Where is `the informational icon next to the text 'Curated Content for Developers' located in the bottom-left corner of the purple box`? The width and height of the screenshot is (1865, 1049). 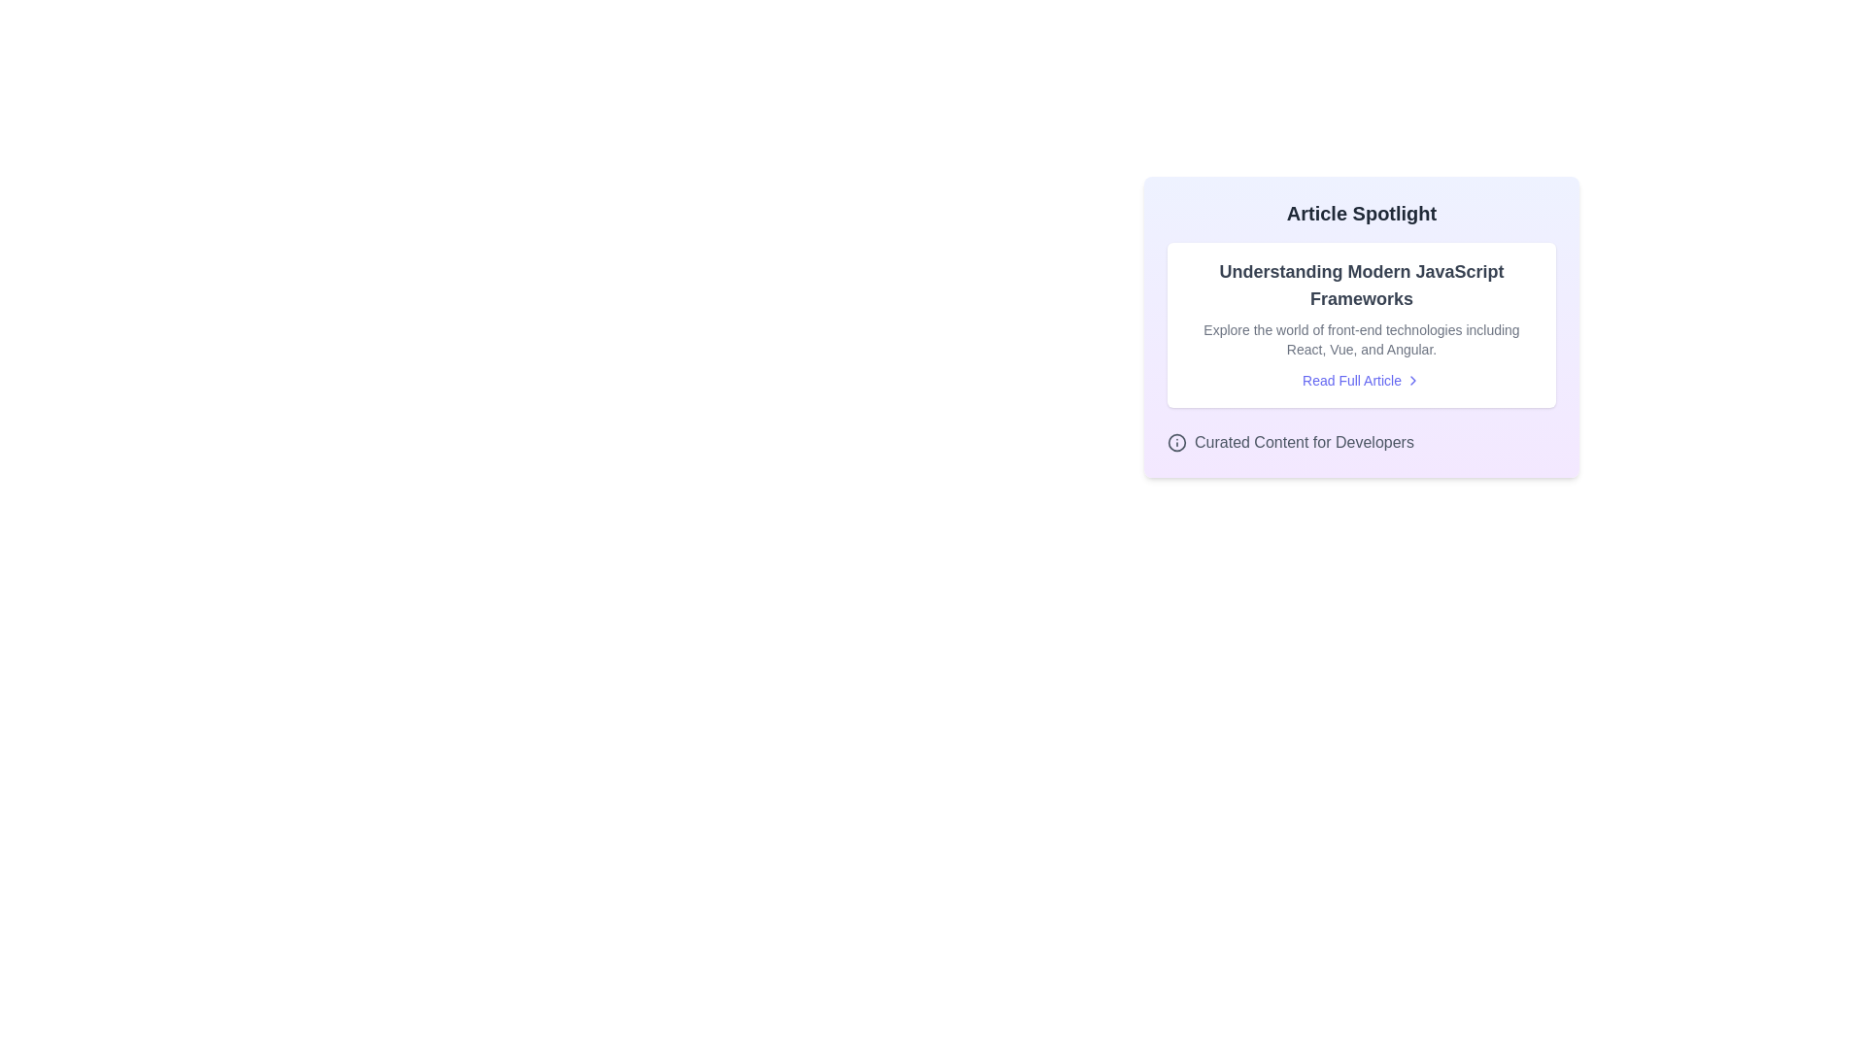 the informational icon next to the text 'Curated Content for Developers' located in the bottom-left corner of the purple box is located at coordinates (1175, 442).